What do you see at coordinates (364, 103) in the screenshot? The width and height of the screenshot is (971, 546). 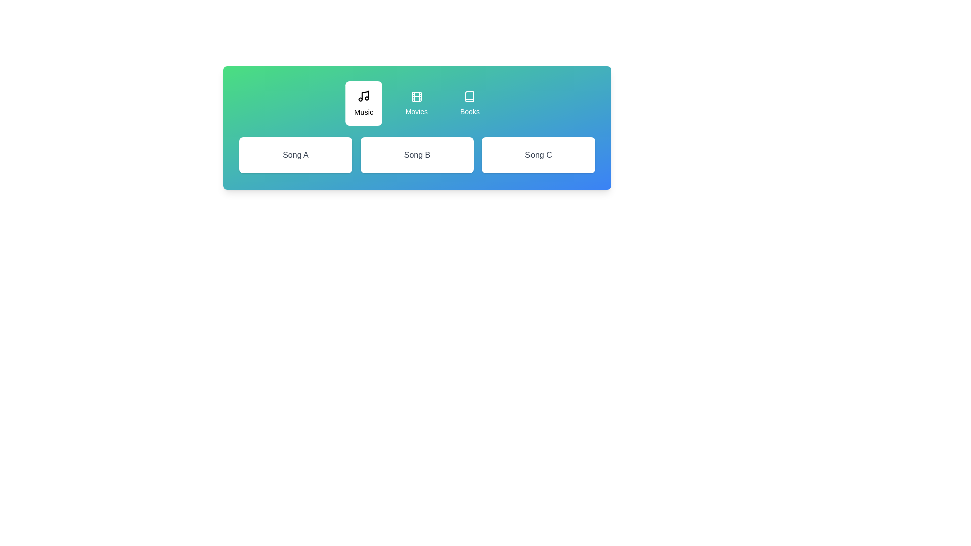 I see `the tab labeled Music by clicking its button` at bounding box center [364, 103].